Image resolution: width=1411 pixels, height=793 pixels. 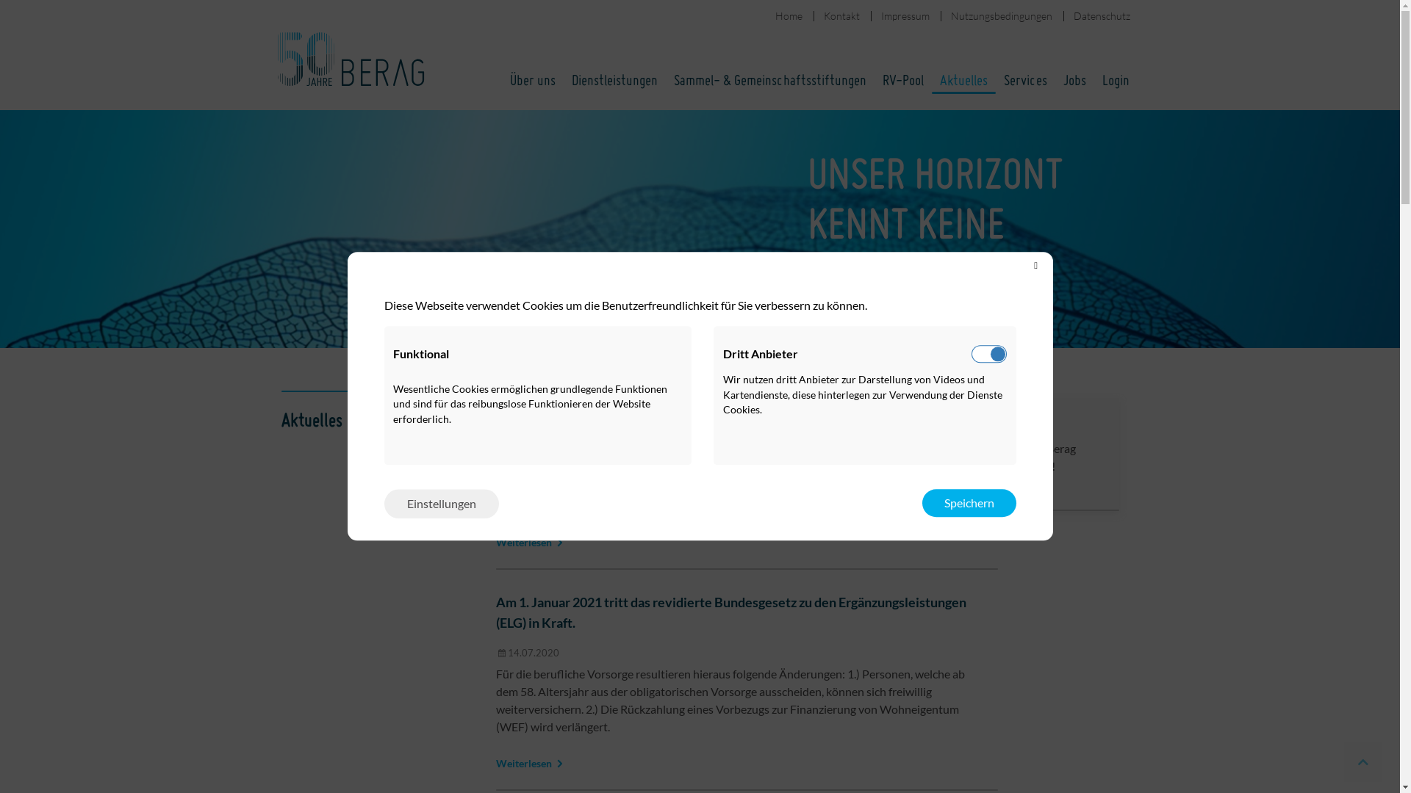 I want to click on 'Jobs, so click(x=1058, y=453).